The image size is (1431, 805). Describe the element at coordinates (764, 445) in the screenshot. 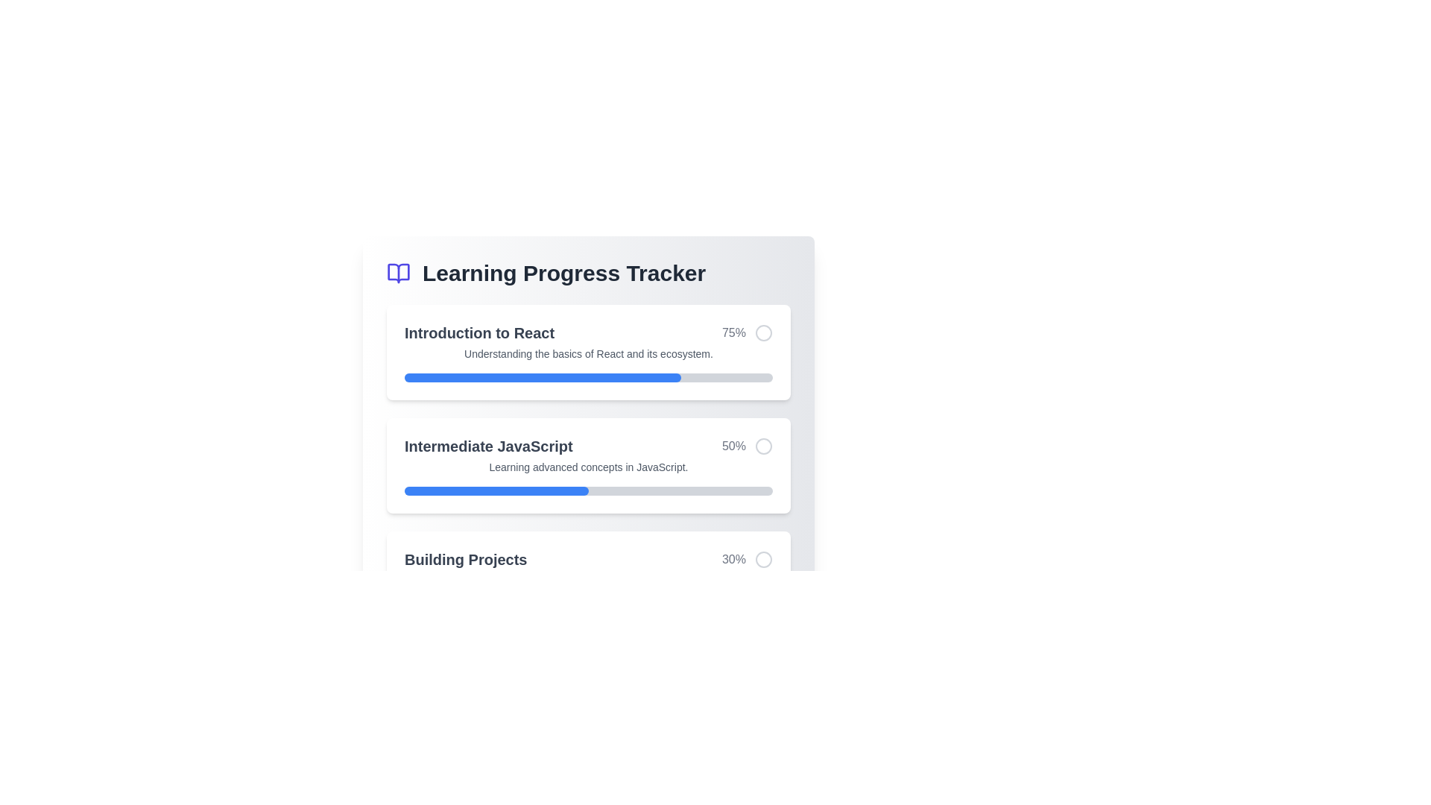

I see `the decorative status-indicating circle located to the right of the progress percentage '50%'` at that location.